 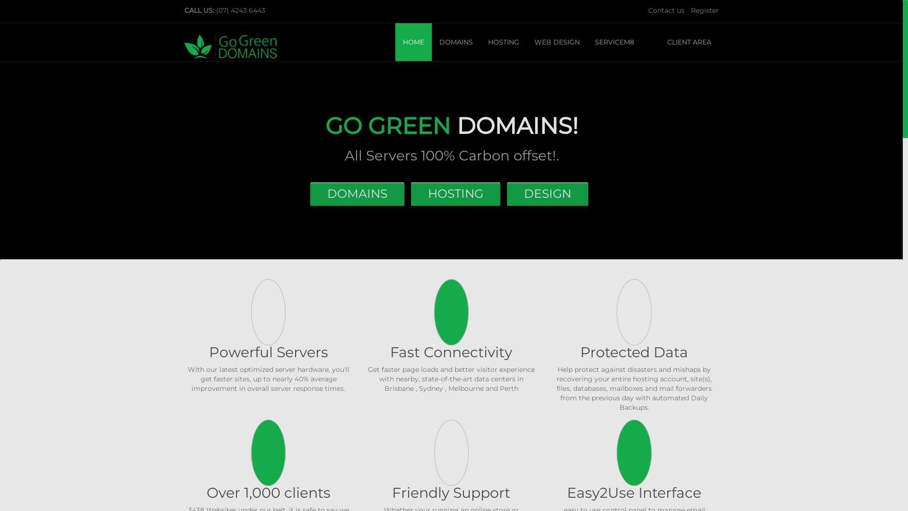 What do you see at coordinates (550, 193) in the screenshot?
I see `'DESIGN'` at bounding box center [550, 193].